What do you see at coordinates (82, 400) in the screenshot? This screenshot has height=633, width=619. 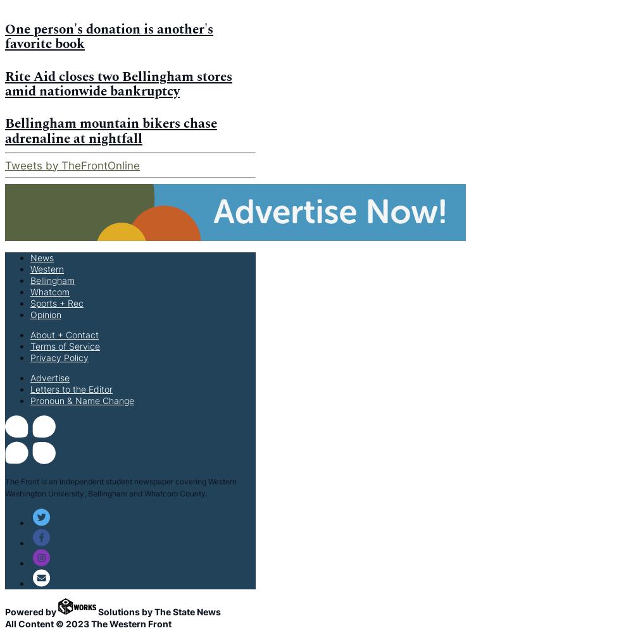 I see `'Pronoun & Name Change'` at bounding box center [82, 400].